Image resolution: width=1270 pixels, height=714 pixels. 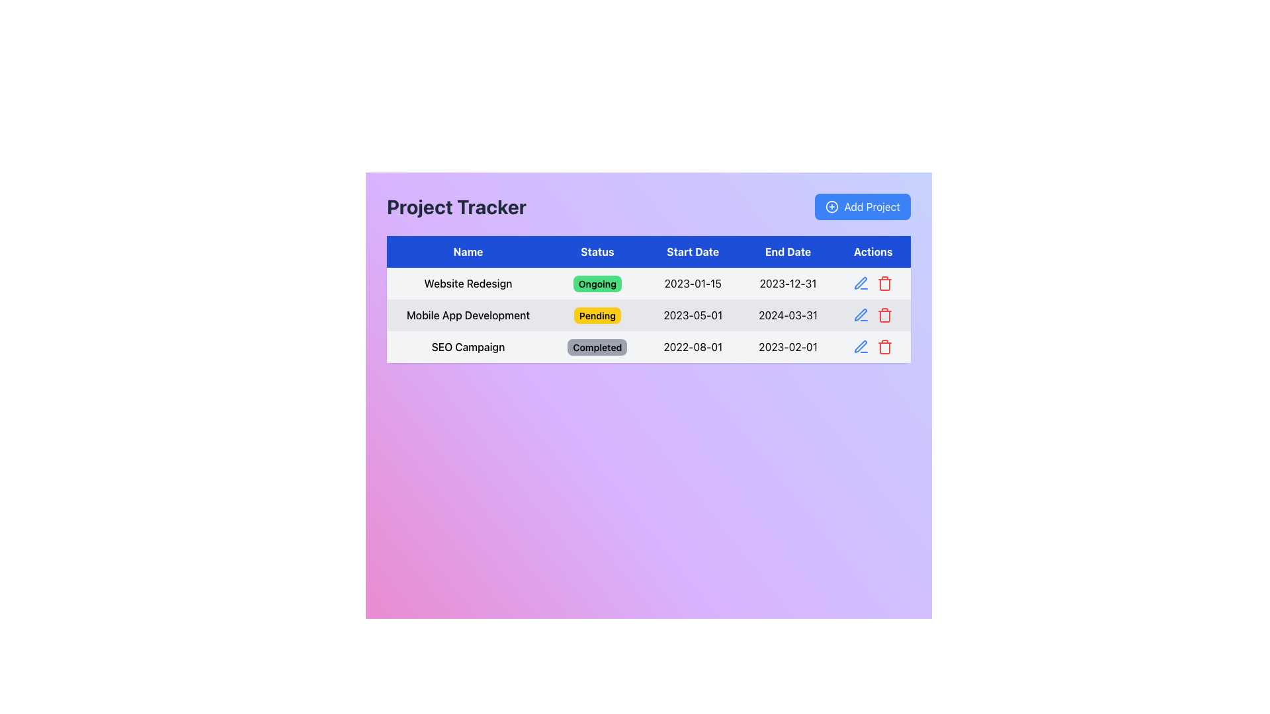 What do you see at coordinates (648, 282) in the screenshot?
I see `the links or buttons within the first row of the project table for 'Website Redesign', which is styled with a light gray background and contains project status 'Ongoing'` at bounding box center [648, 282].